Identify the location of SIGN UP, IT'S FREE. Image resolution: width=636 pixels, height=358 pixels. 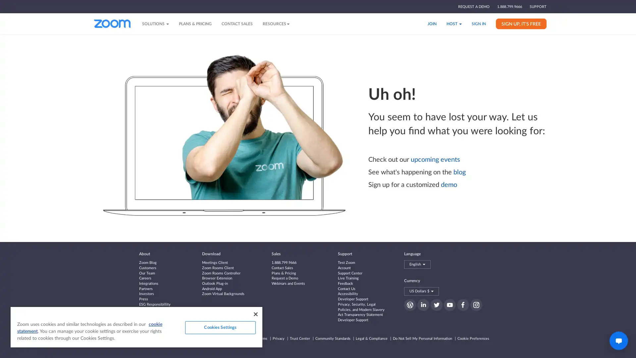
(521, 23).